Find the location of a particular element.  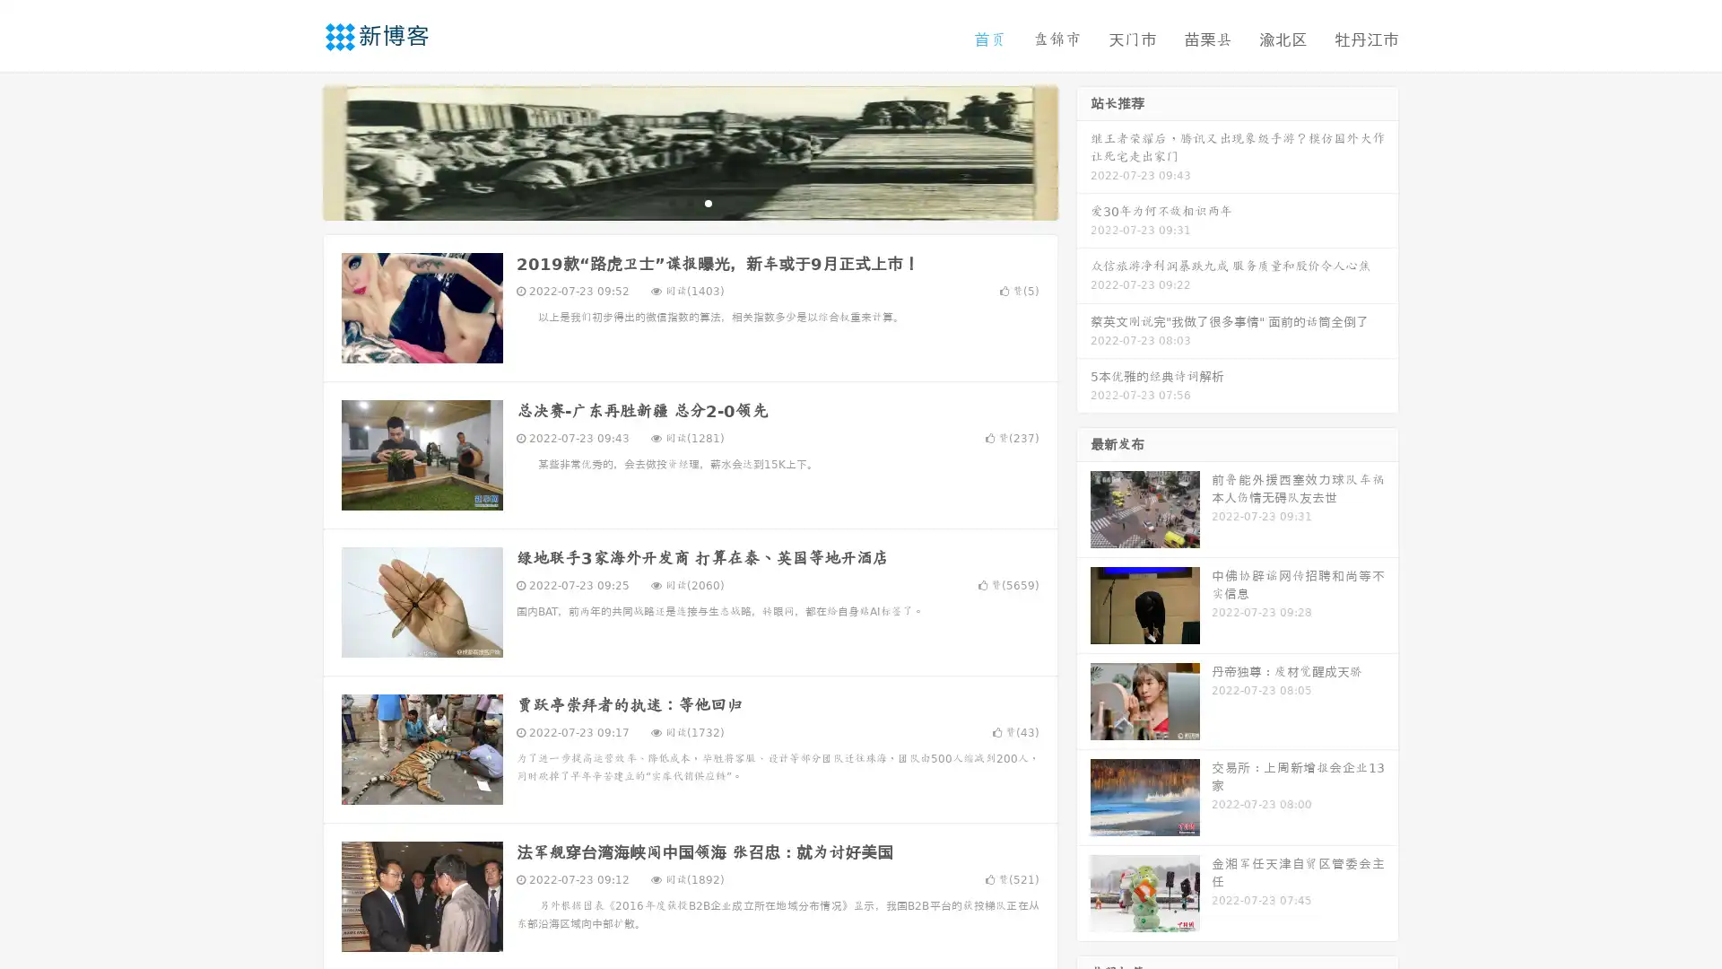

Go to slide 1 is located at coordinates (671, 202).